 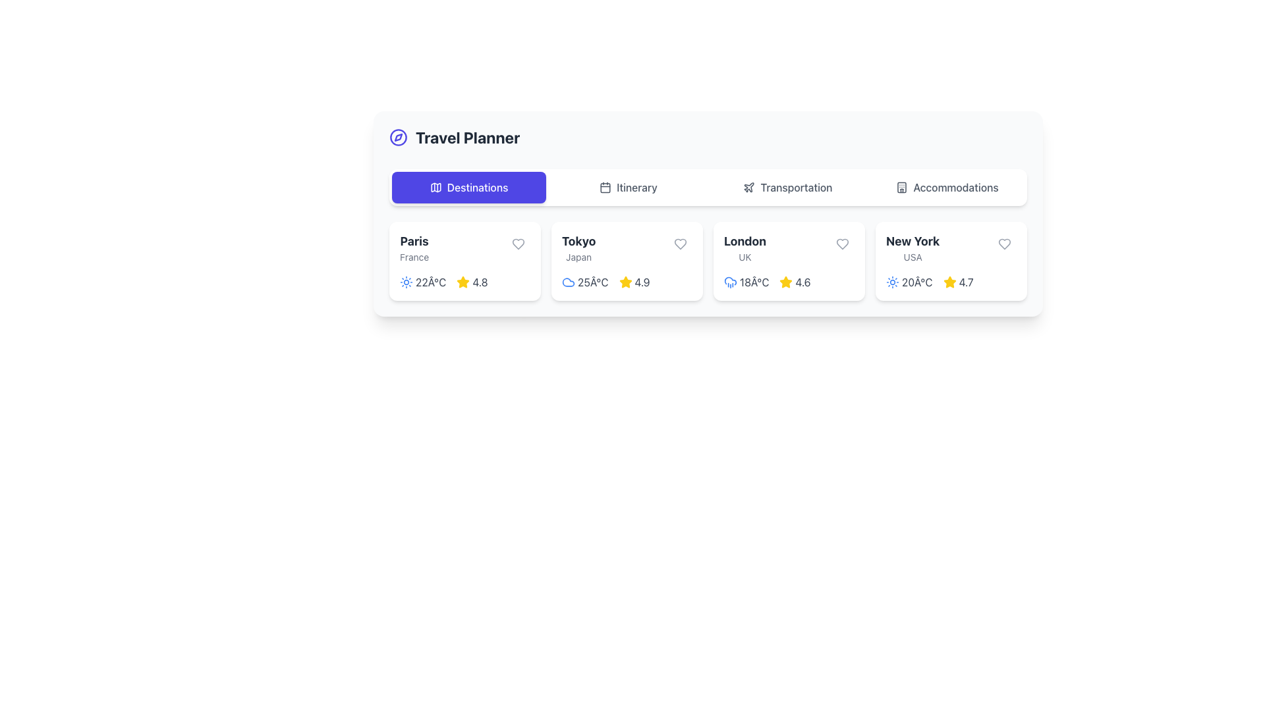 What do you see at coordinates (436, 188) in the screenshot?
I see `the illustrative icon for the 'Destinations' button located on the top navigation bar` at bounding box center [436, 188].